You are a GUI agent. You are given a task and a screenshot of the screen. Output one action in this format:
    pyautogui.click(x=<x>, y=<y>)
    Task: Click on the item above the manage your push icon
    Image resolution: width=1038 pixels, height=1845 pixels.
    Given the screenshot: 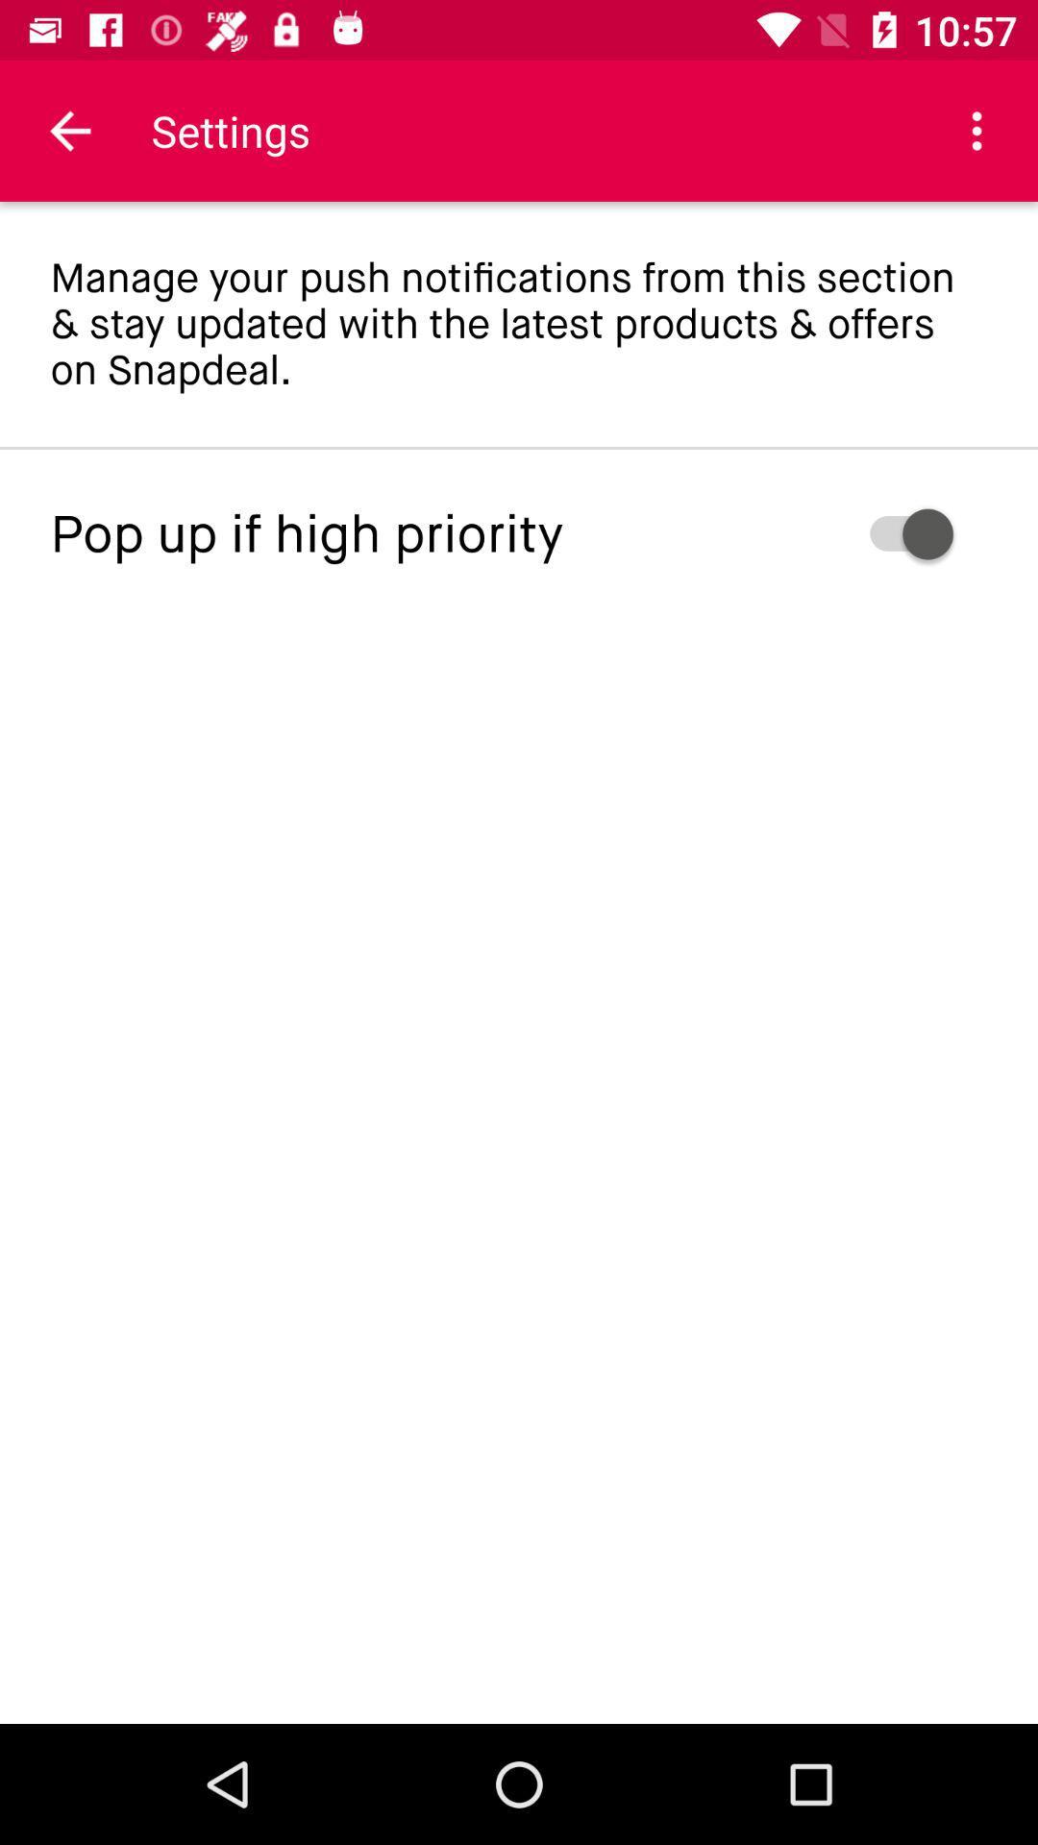 What is the action you would take?
    pyautogui.click(x=69, y=130)
    